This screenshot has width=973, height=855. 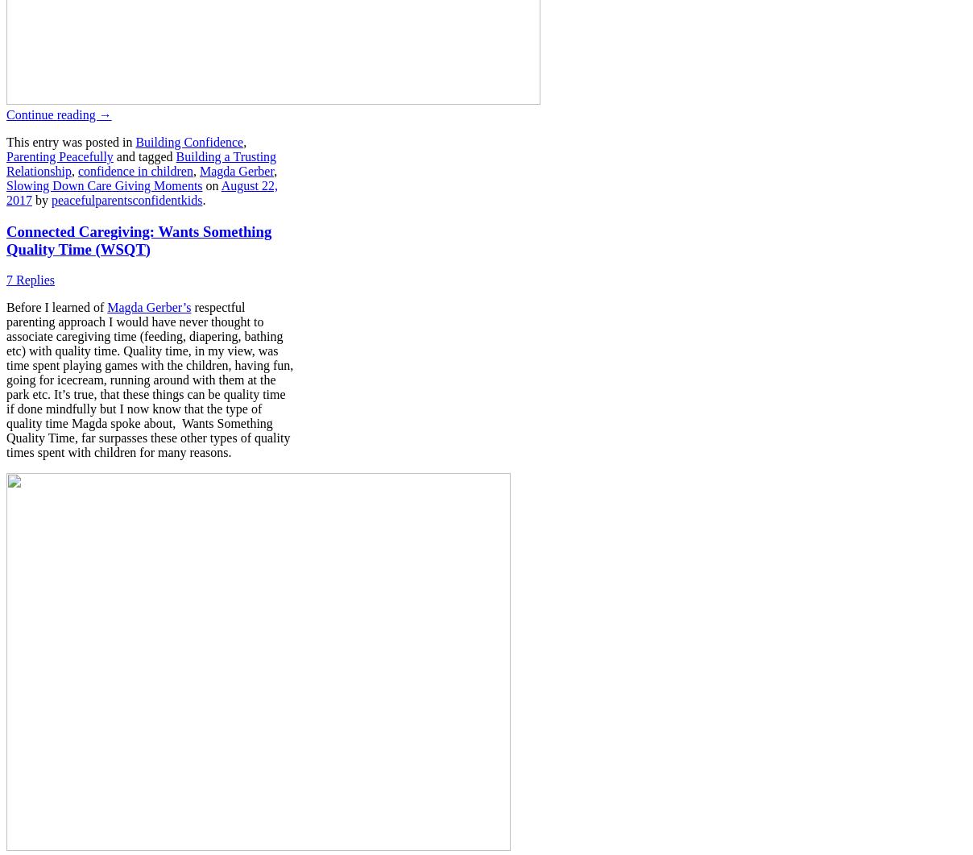 I want to click on 'Connected Caregiving: Wants Something Quality Time (WSQT)', so click(x=139, y=239).